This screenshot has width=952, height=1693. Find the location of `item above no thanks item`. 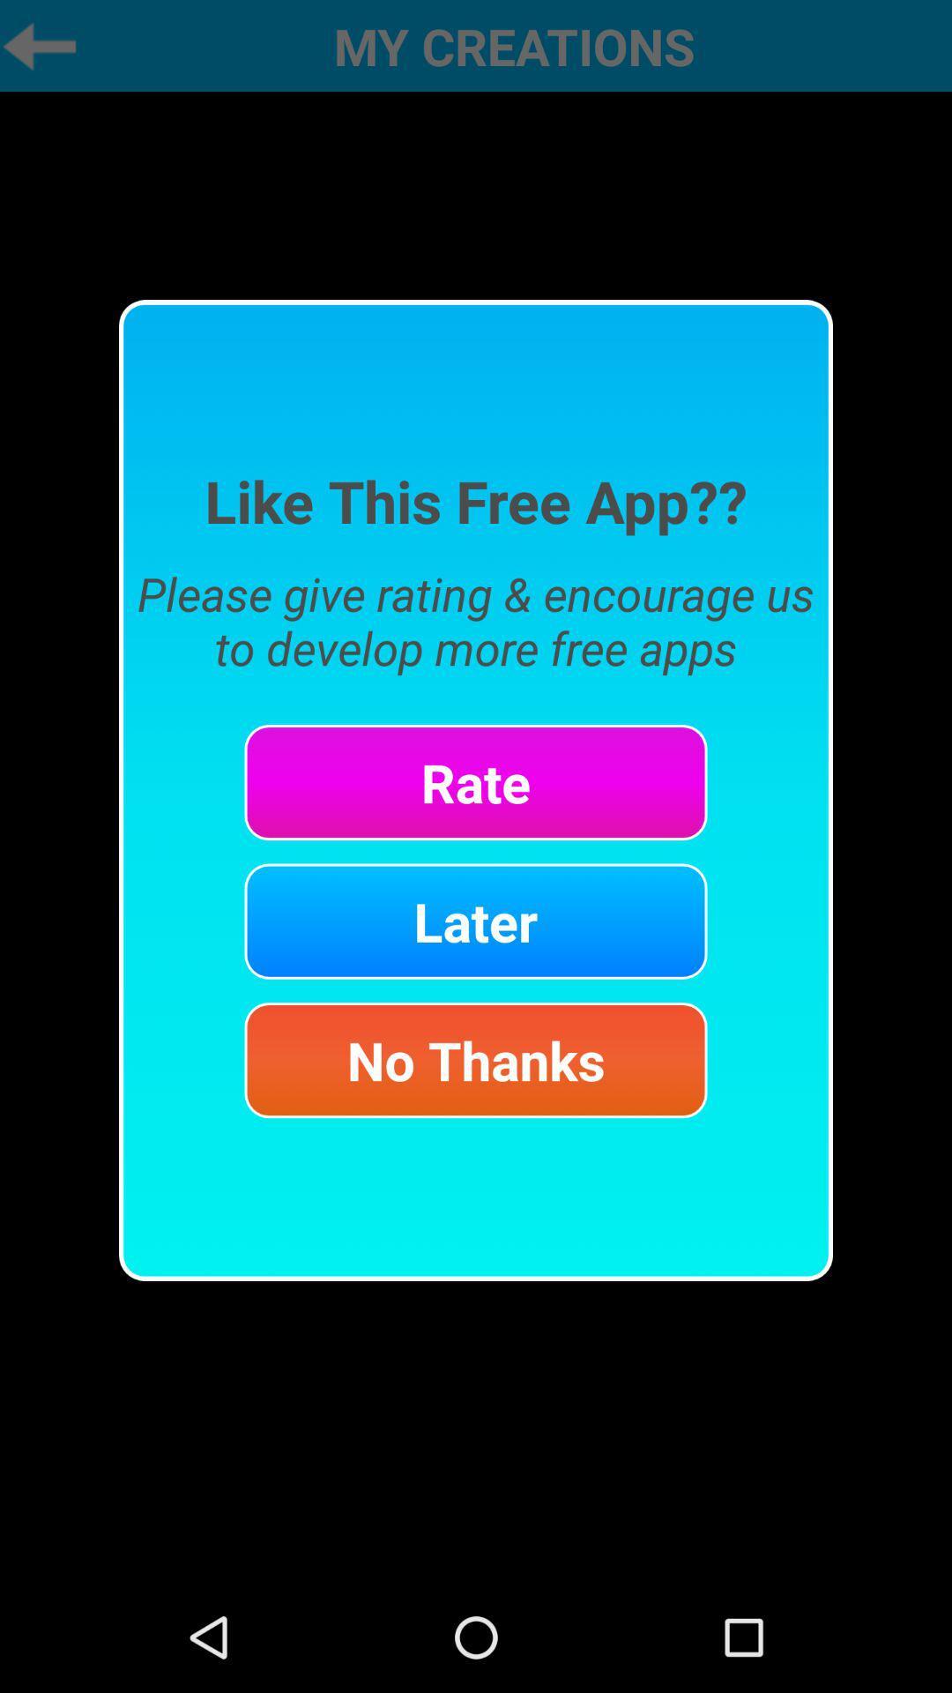

item above no thanks item is located at coordinates (476, 921).